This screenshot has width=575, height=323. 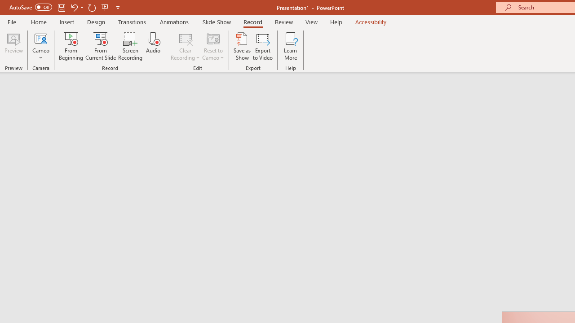 I want to click on 'Export to Video', so click(x=262, y=46).